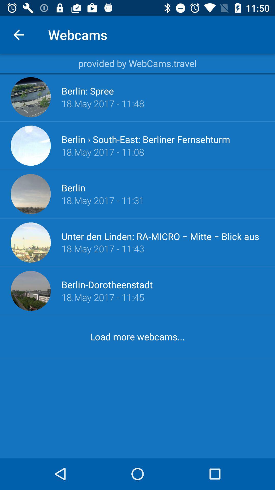 Image resolution: width=275 pixels, height=490 pixels. Describe the element at coordinates (163, 236) in the screenshot. I see `item below 18 may 2017 icon` at that location.